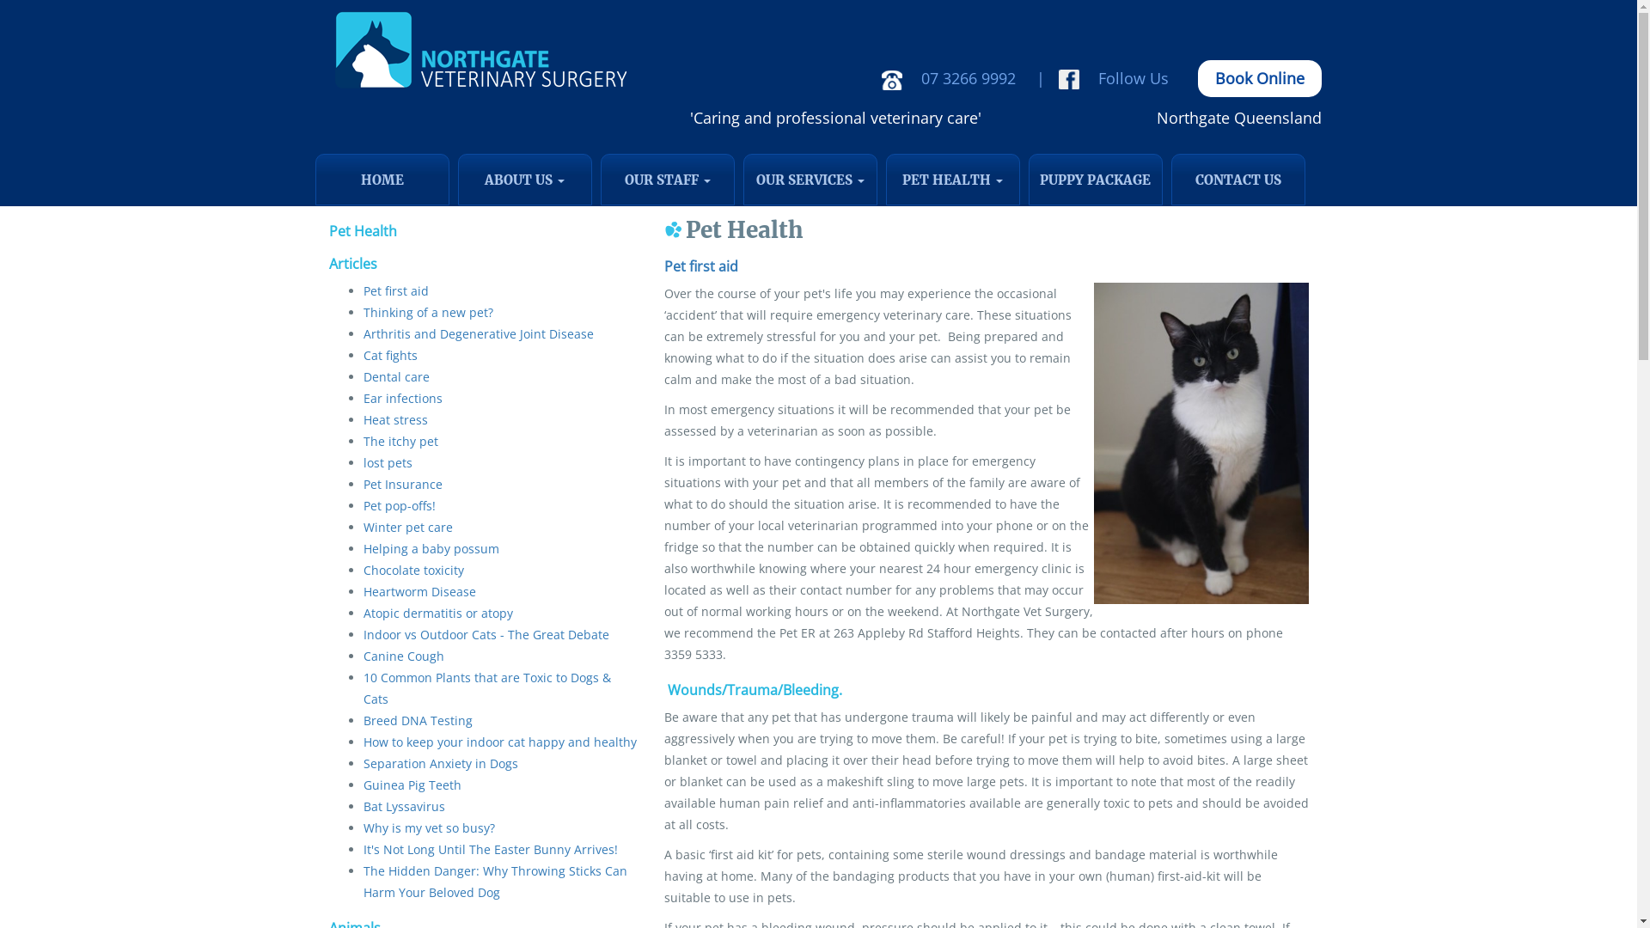  What do you see at coordinates (1116, 78) in the screenshot?
I see `'Follow Us'` at bounding box center [1116, 78].